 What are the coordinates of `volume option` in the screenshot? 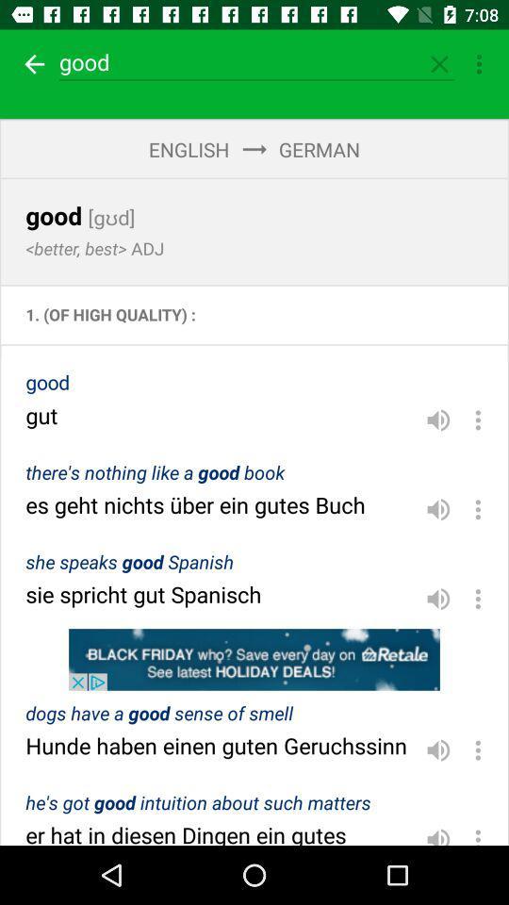 It's located at (438, 420).